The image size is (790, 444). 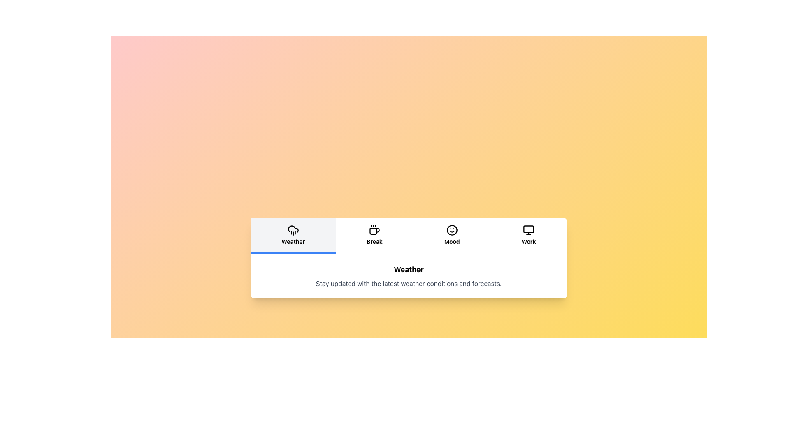 I want to click on the visual feedback upon interaction with the 'Weather' cloud-shaped icon, which is the first icon on the left of the navigation bar, so click(x=293, y=229).